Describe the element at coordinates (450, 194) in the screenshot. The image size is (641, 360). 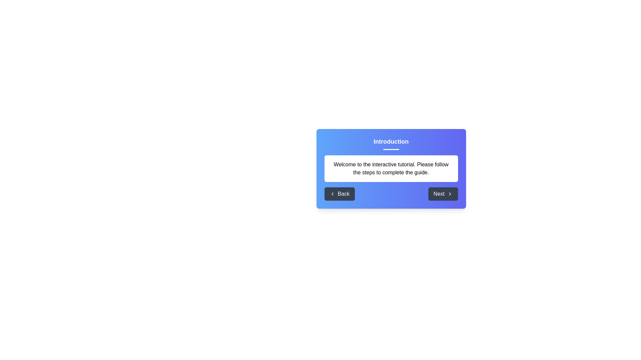
I see `the button labeled 'Next' located in the bottom right of the dialog box, which contains a right-facing chevron icon` at that location.